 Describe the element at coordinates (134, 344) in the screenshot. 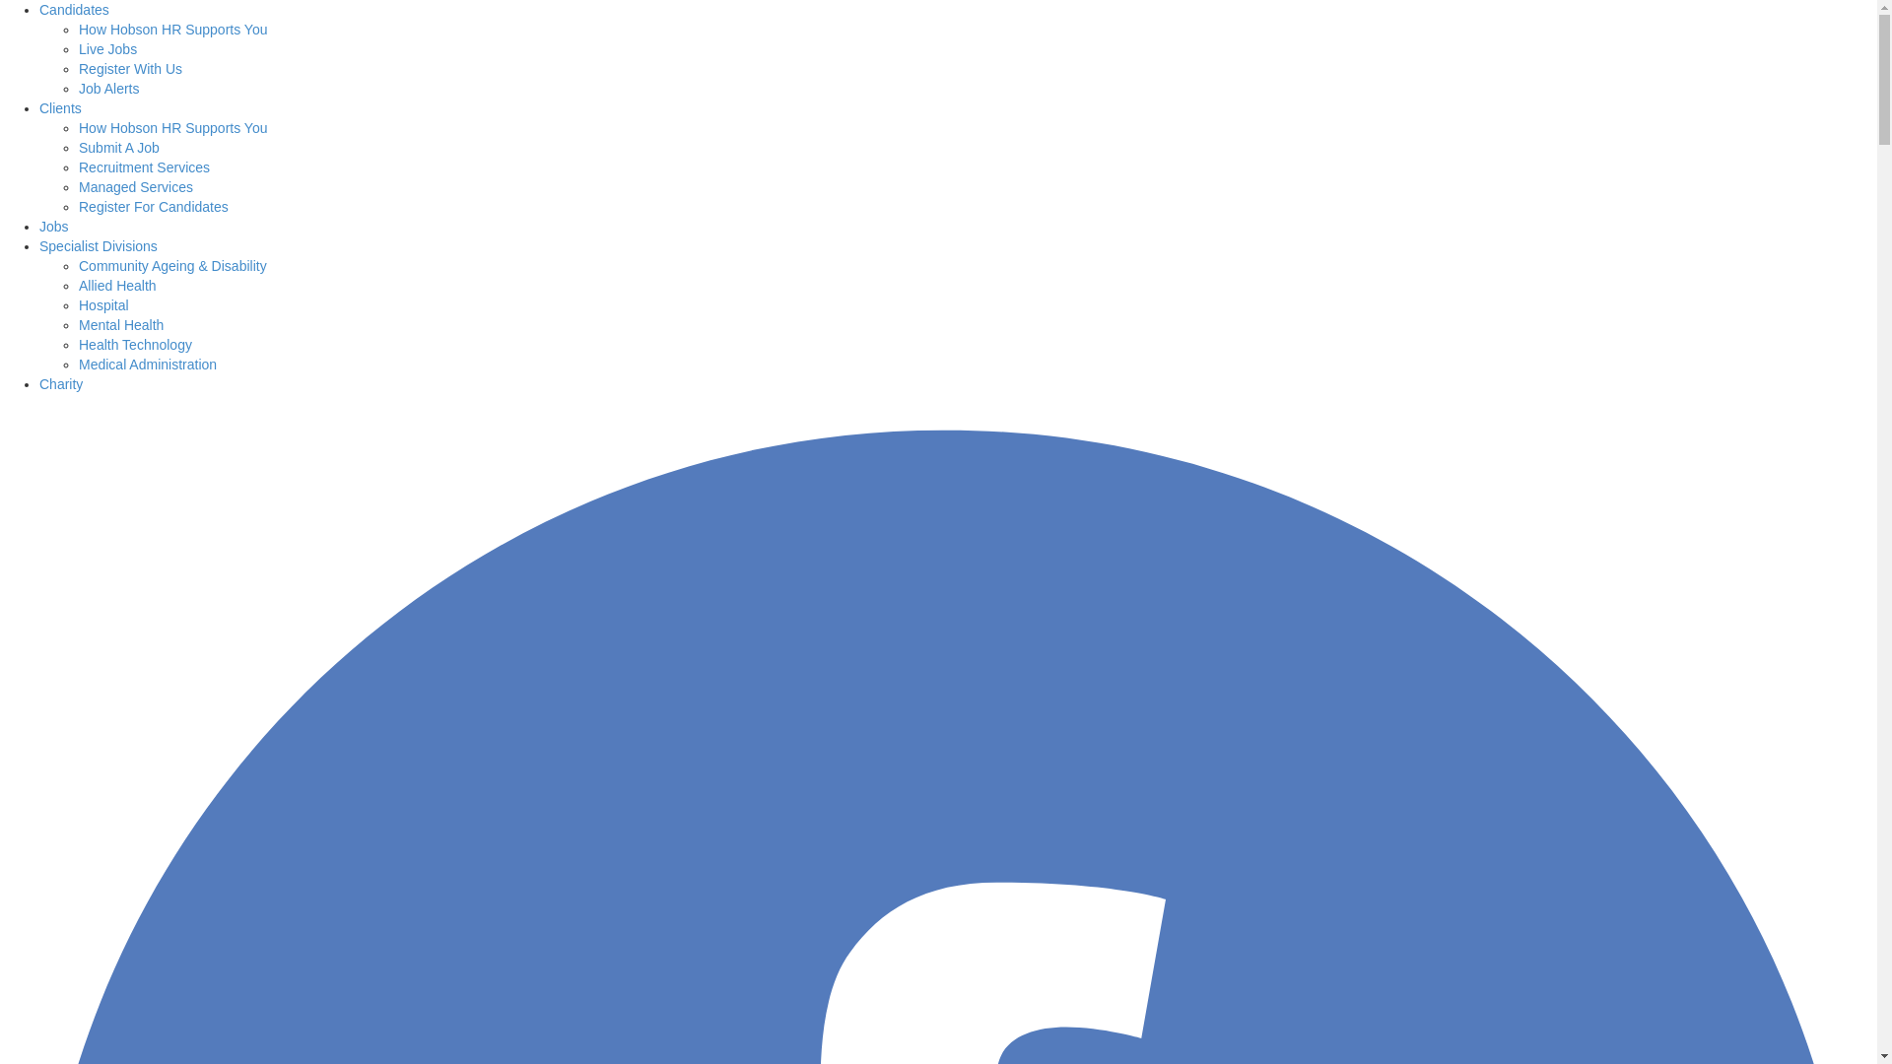

I see `'Health Technology'` at that location.